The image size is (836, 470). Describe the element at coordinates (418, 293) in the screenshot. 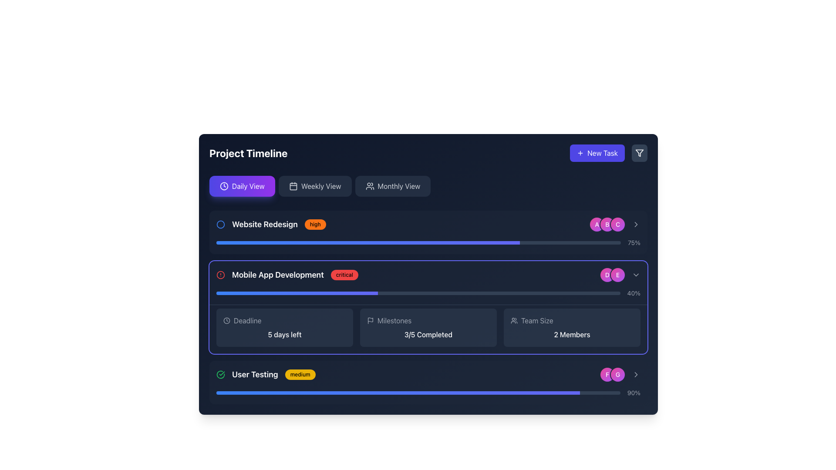

I see `the horizontal progress bar located in the 'Mobile App Development' section, which has a dark slate background and a gradient fill that reaches approximately 40% width` at that location.